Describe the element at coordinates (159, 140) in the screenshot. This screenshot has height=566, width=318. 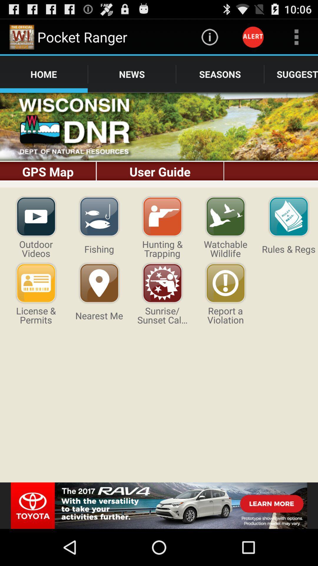
I see `home` at that location.